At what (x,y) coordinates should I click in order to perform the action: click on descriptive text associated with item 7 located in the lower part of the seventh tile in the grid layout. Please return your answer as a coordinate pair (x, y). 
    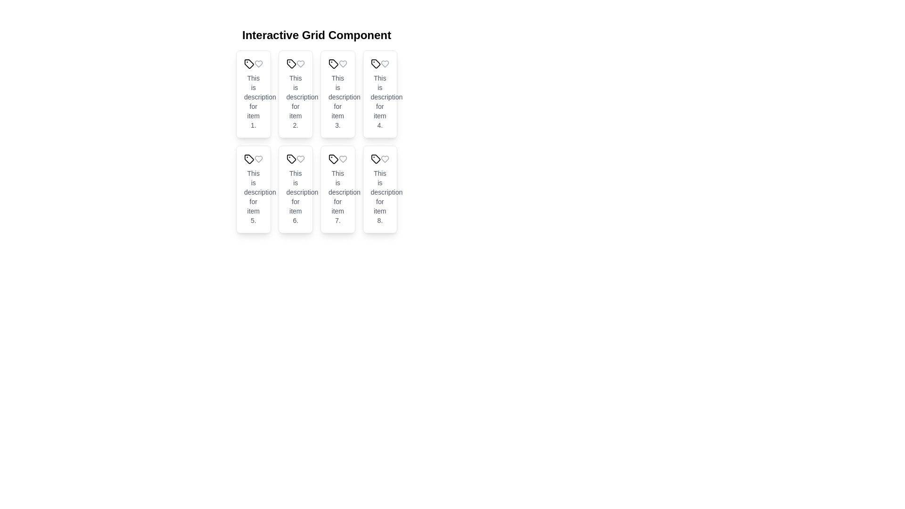
    Looking at the image, I should click on (337, 196).